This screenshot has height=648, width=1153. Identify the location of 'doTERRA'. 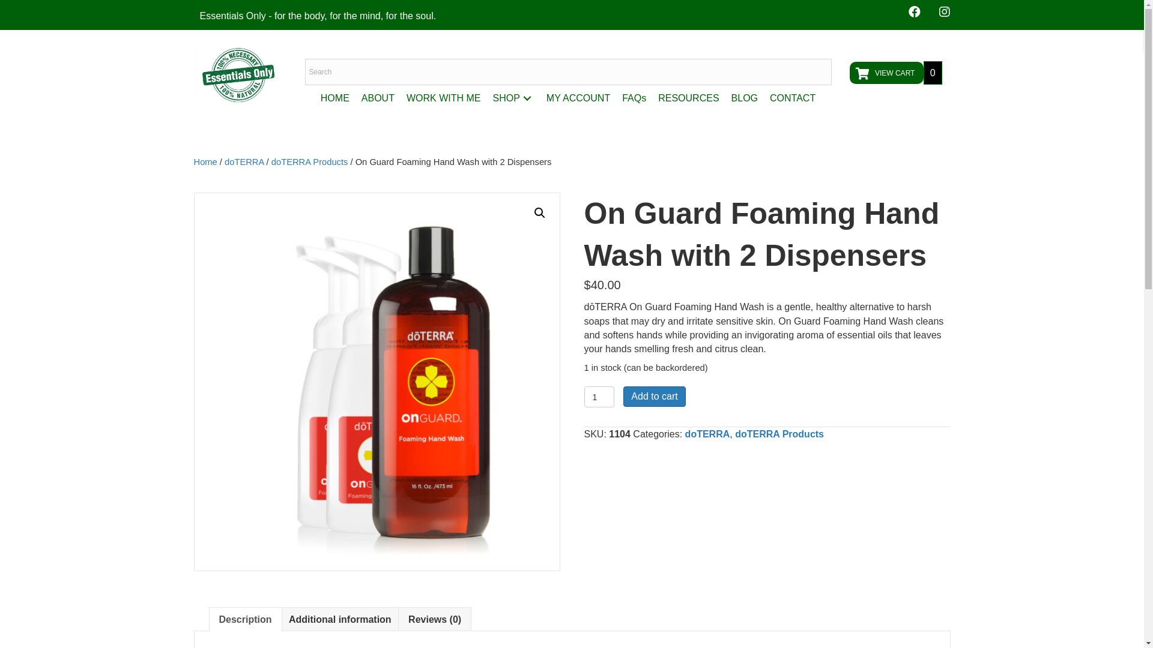
(707, 434).